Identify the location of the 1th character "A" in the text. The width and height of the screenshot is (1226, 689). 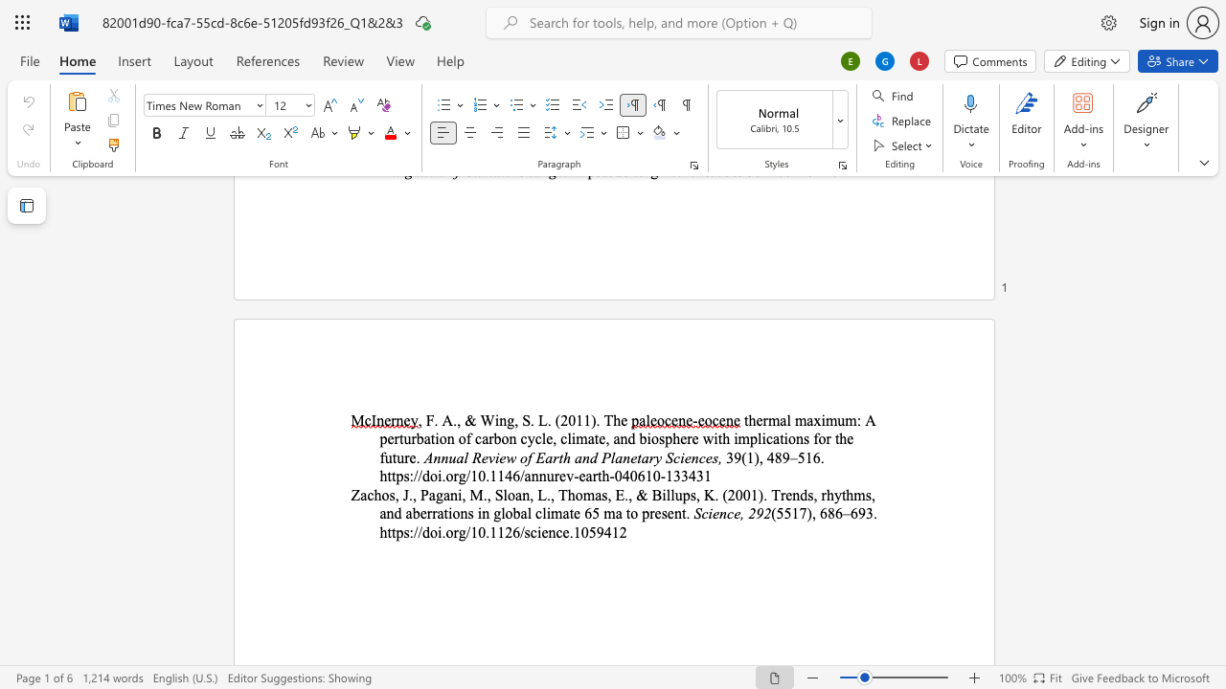
(446, 419).